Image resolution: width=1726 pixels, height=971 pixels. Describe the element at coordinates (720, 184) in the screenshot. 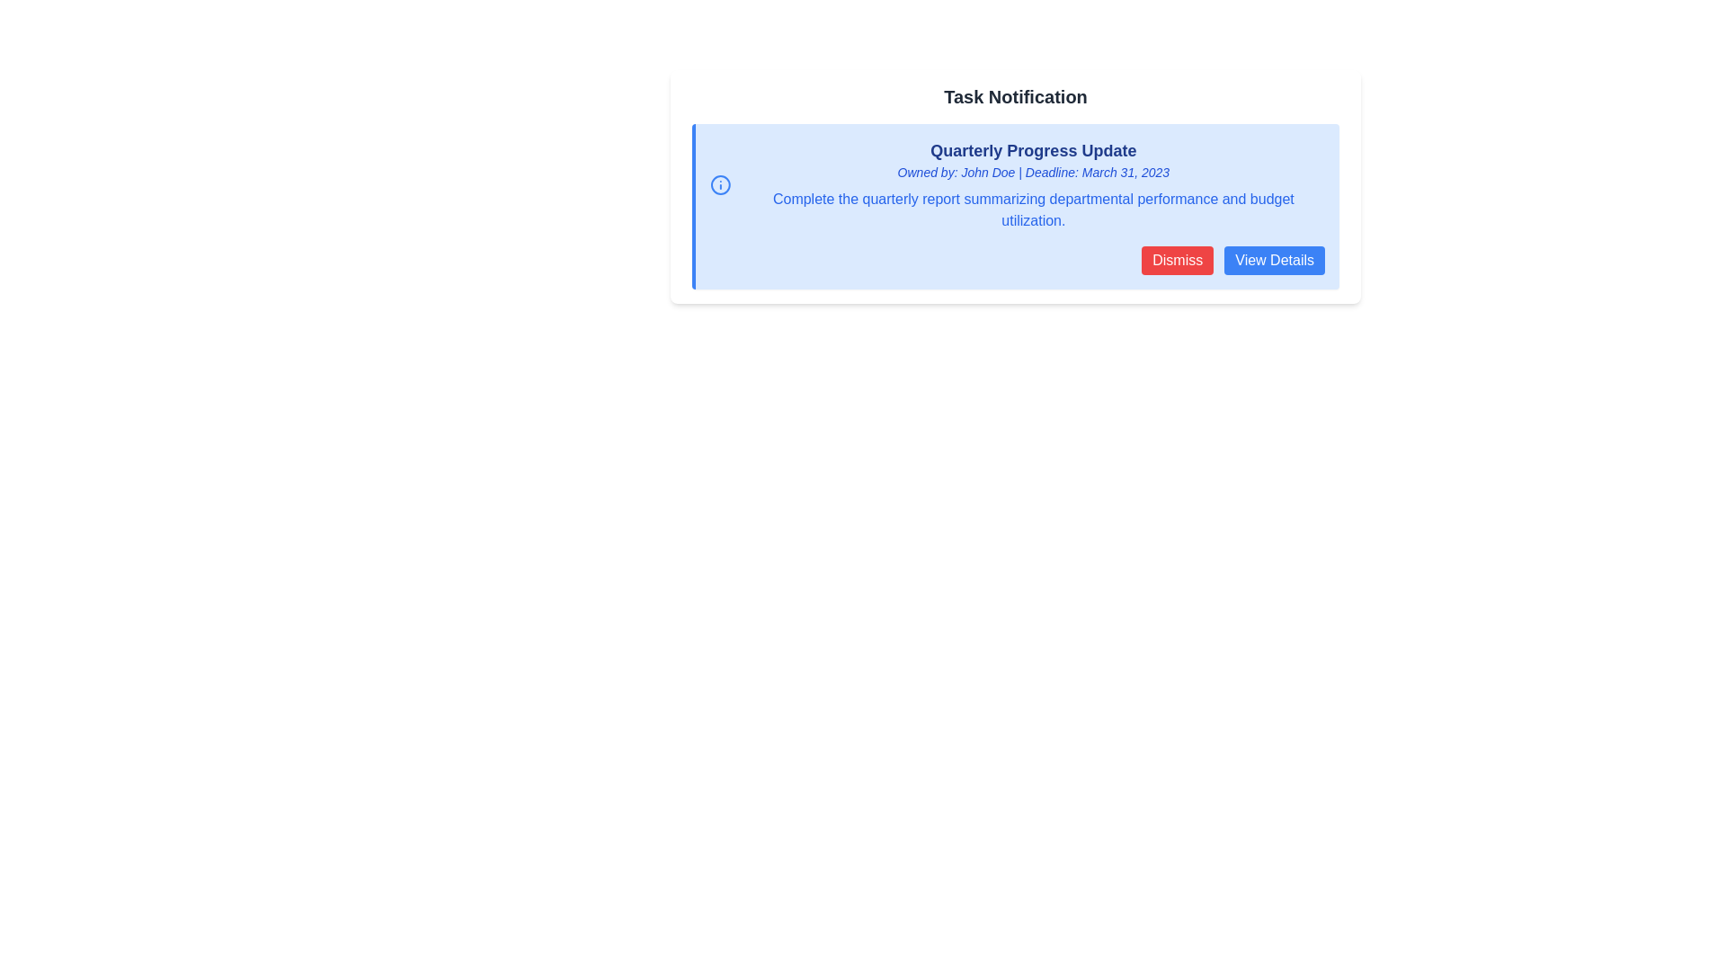

I see `the circular graphic with a blue stroke inside the SVG element located in the notification panel, positioned near the top-left corner` at that location.